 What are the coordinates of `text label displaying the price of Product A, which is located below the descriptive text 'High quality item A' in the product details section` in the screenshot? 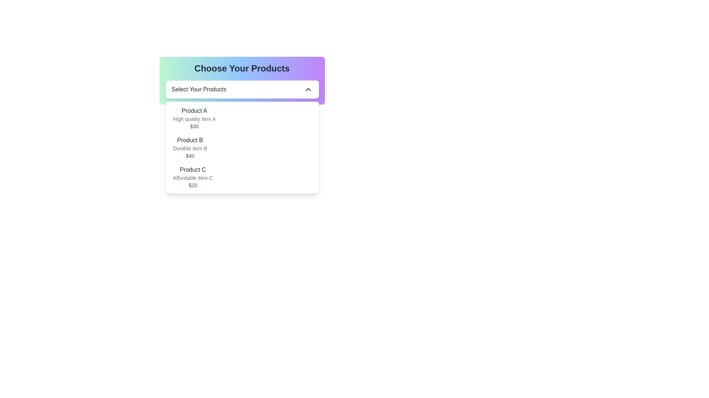 It's located at (194, 126).